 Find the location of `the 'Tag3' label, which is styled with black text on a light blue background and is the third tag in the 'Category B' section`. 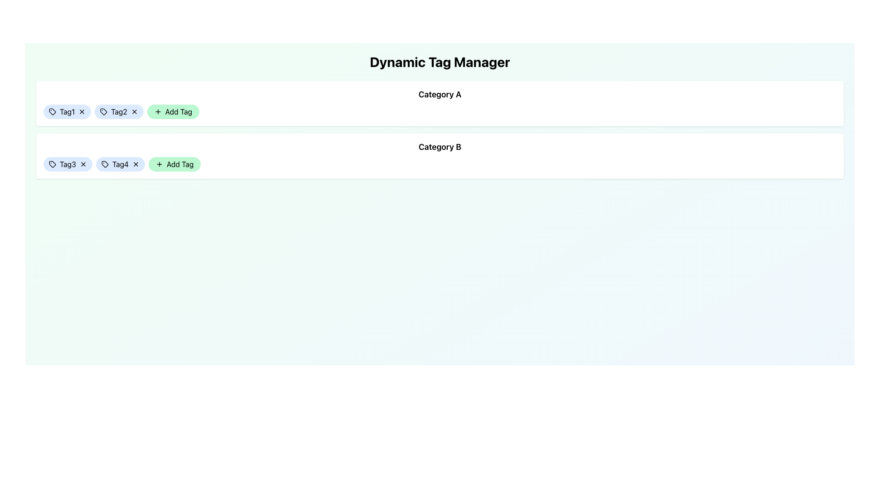

the 'Tag3' label, which is styled with black text on a light blue background and is the third tag in the 'Category B' section is located at coordinates (67, 164).